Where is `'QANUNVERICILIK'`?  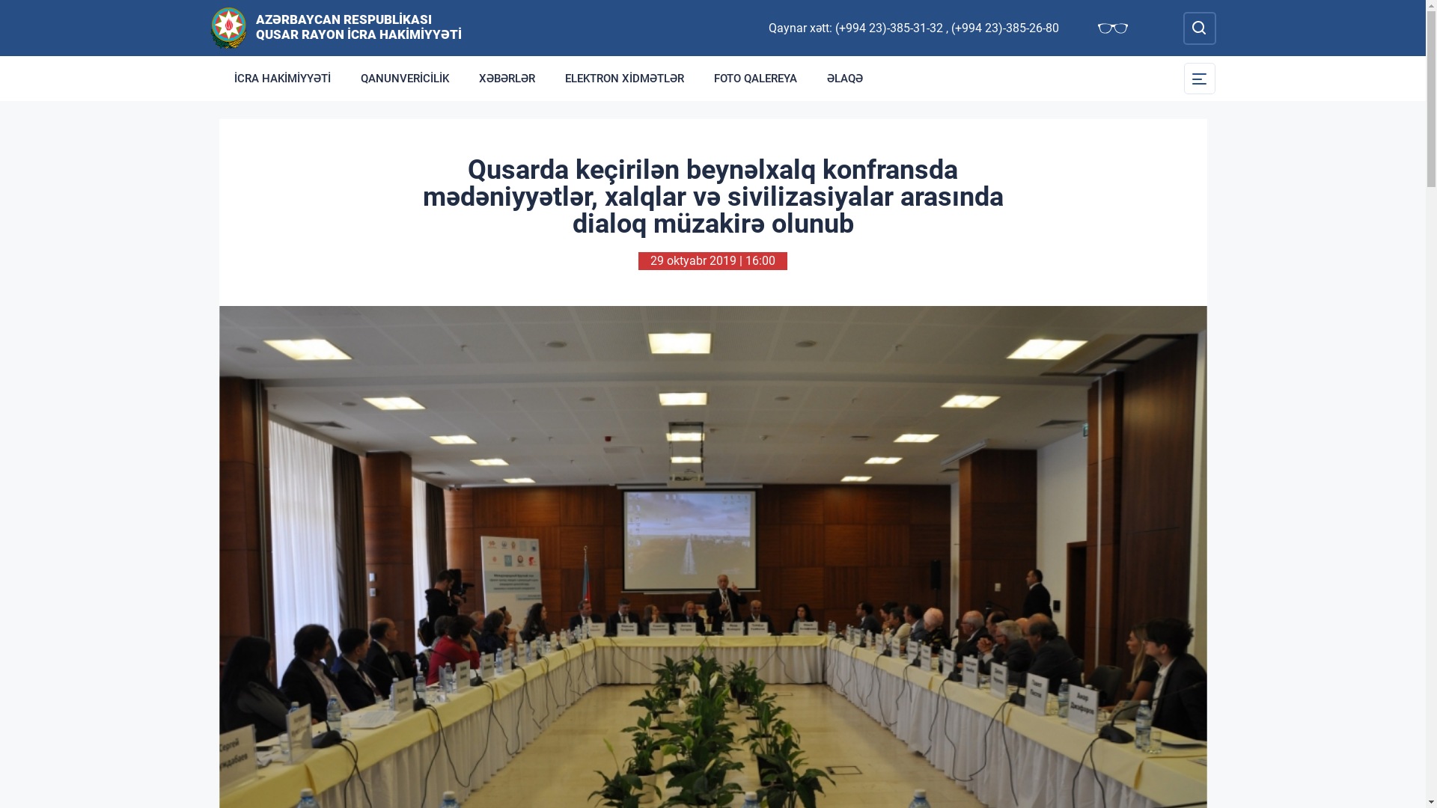 'QANUNVERICILIK' is located at coordinates (405, 78).